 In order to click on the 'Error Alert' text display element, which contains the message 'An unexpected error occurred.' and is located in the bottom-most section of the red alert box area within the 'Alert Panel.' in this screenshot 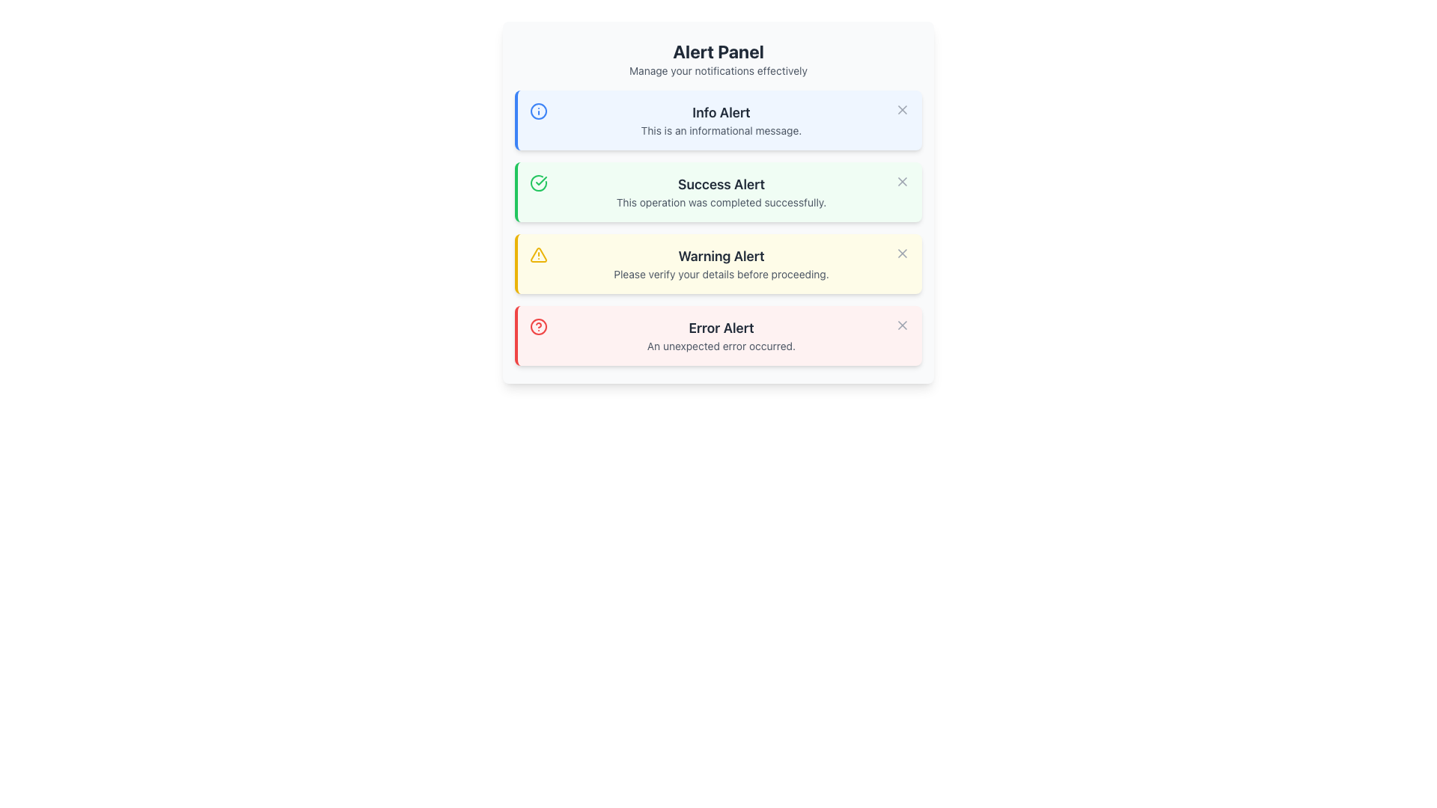, I will do `click(721, 334)`.